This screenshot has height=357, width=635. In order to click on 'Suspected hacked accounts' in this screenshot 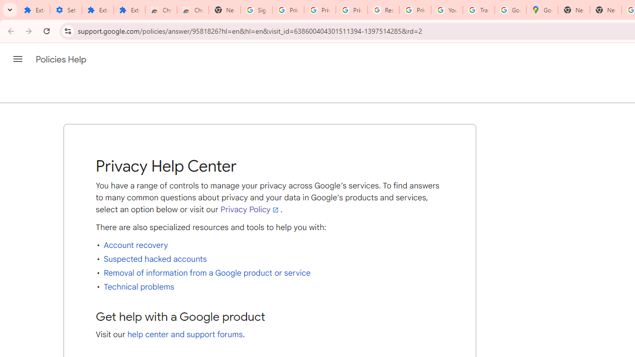, I will do `click(154, 258)`.